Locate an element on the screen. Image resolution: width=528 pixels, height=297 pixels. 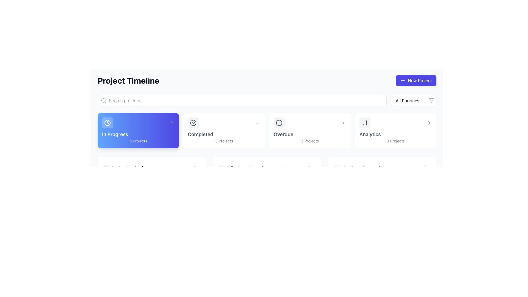
the time-related icon located in the top-left corner of the 'In Progress' card for additional information is located at coordinates (107, 123).